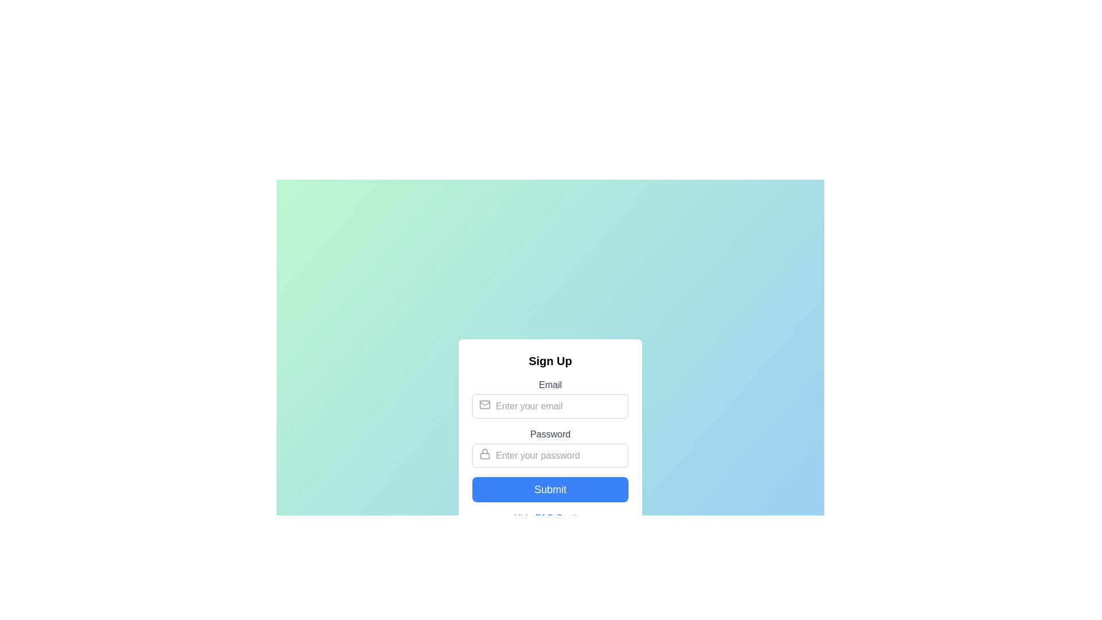 This screenshot has width=1102, height=620. I want to click on the center of the email input field located beneath the 'Email' label, so click(550, 406).